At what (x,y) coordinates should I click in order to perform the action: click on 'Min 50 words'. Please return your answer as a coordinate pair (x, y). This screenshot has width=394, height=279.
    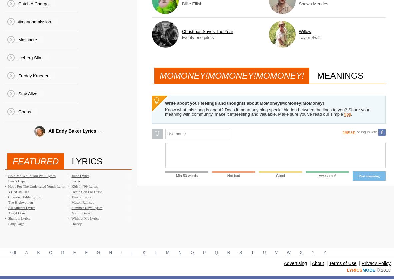
    Looking at the image, I should click on (187, 175).